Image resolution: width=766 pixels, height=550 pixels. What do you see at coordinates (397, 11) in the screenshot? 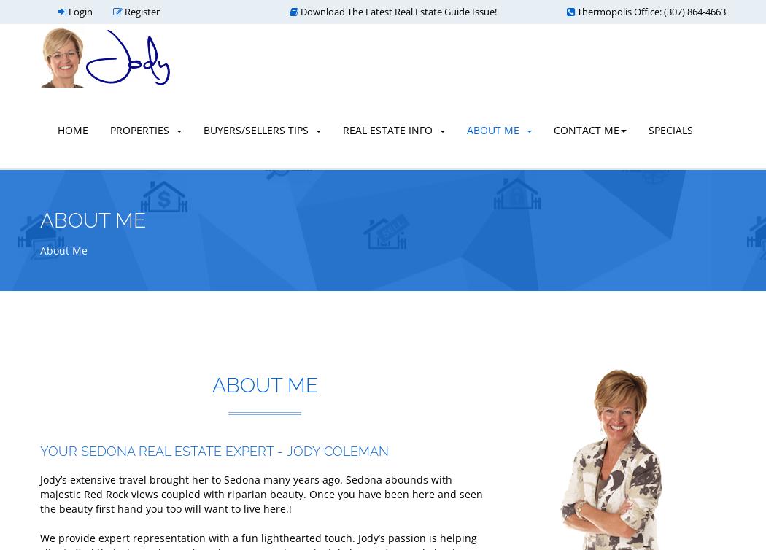
I see `'Download The Latest Real Estate Guide Issue!'` at bounding box center [397, 11].